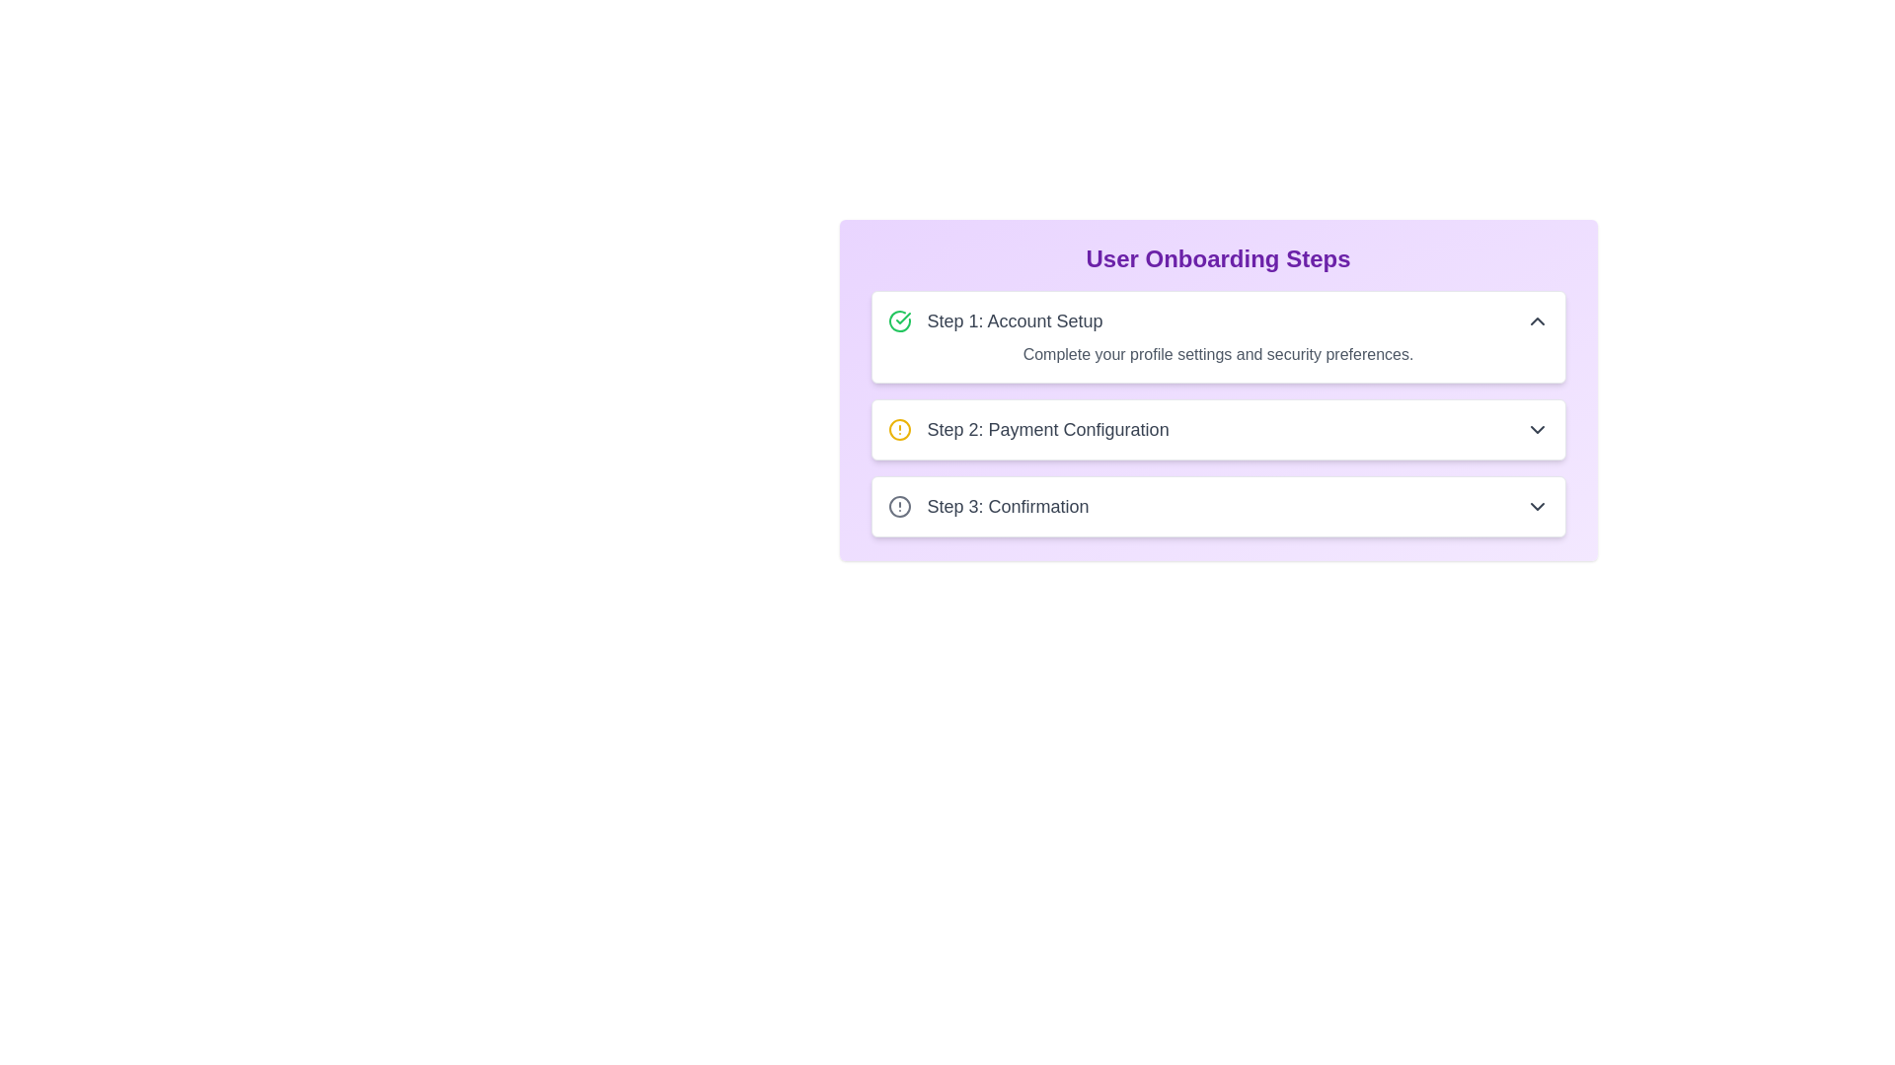 Image resolution: width=1895 pixels, height=1065 pixels. What do you see at coordinates (898, 428) in the screenshot?
I see `the circular icon with a yellow outline located in the second step of the user onboarding process, to the left of the step title 'Step 2: Payment Configuration'` at bounding box center [898, 428].